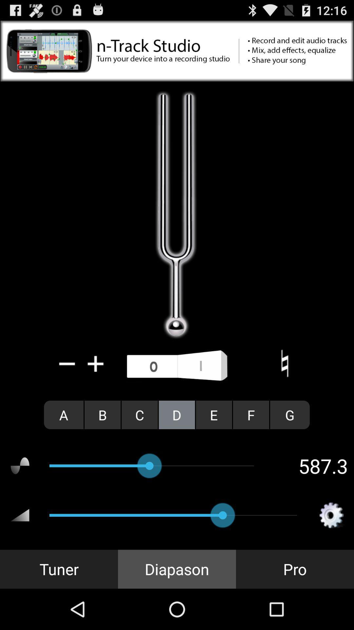  What do you see at coordinates (96, 363) in the screenshot?
I see `icon above the a radio button` at bounding box center [96, 363].